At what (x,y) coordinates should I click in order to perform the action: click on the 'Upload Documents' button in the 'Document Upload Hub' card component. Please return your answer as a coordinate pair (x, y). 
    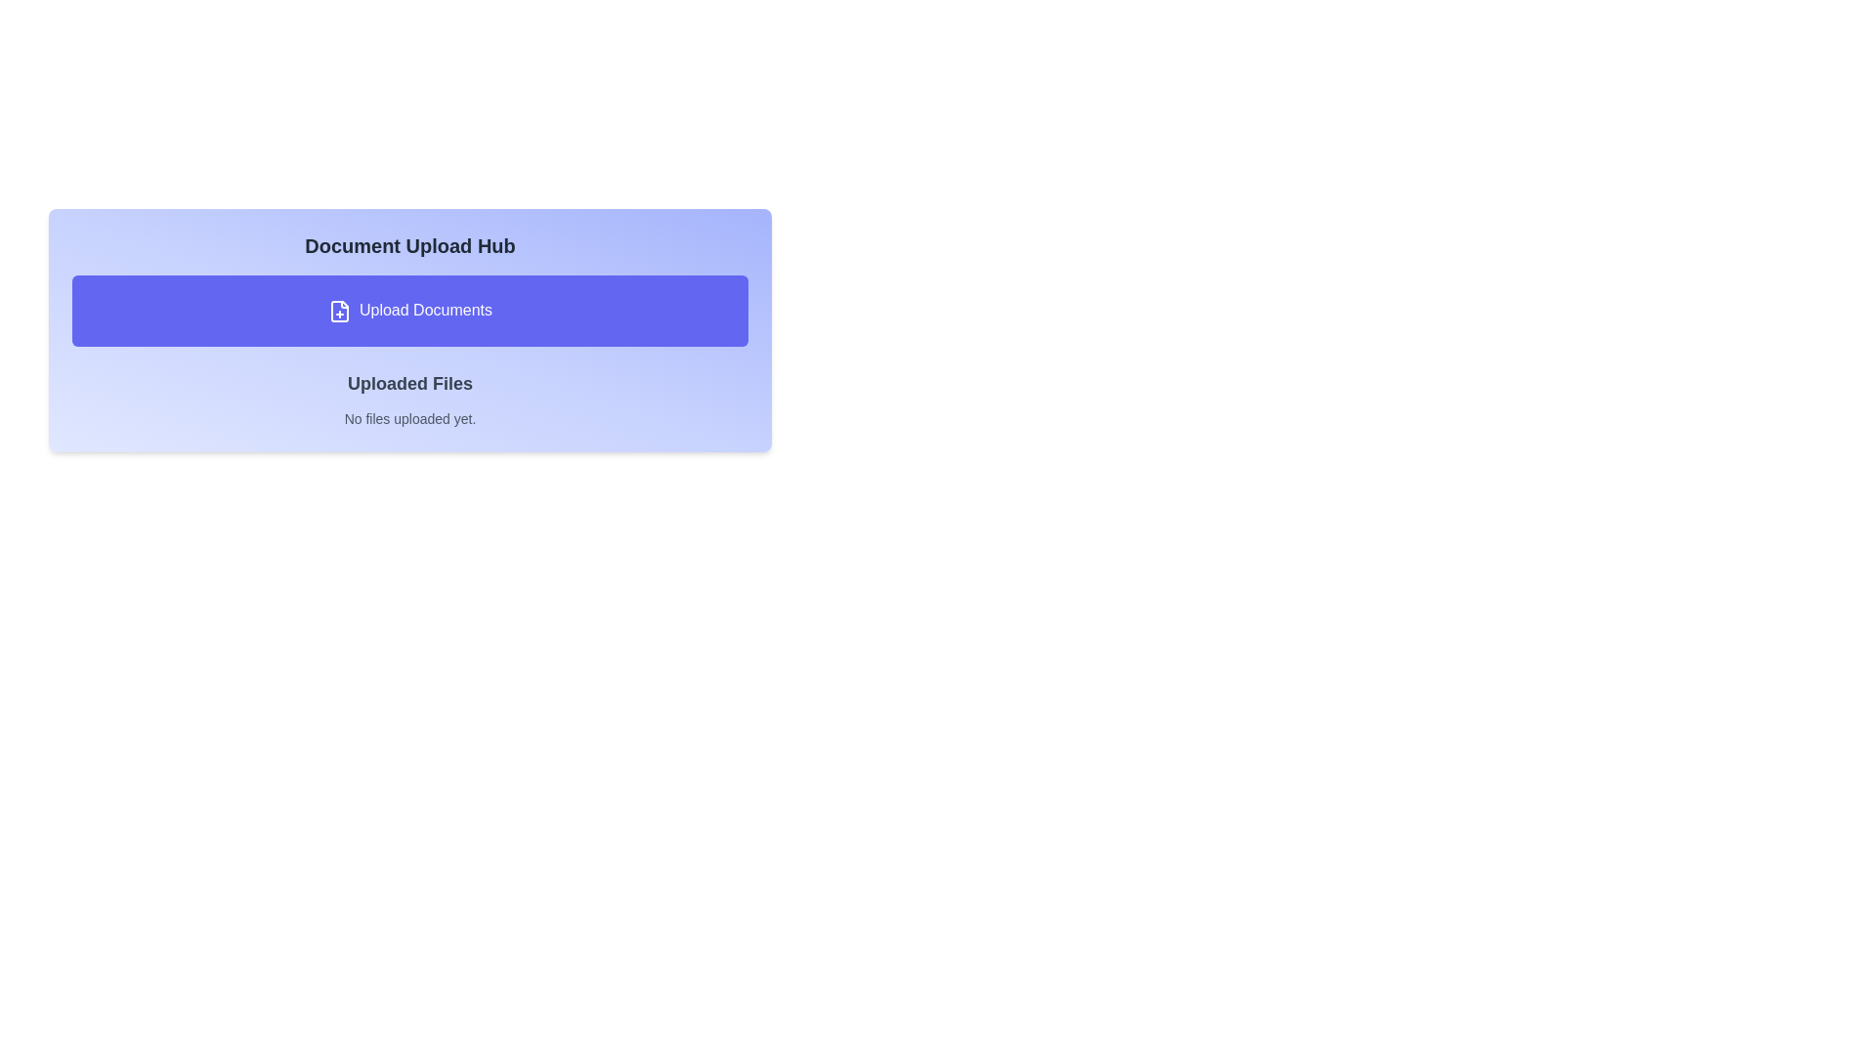
    Looking at the image, I should click on (409, 346).